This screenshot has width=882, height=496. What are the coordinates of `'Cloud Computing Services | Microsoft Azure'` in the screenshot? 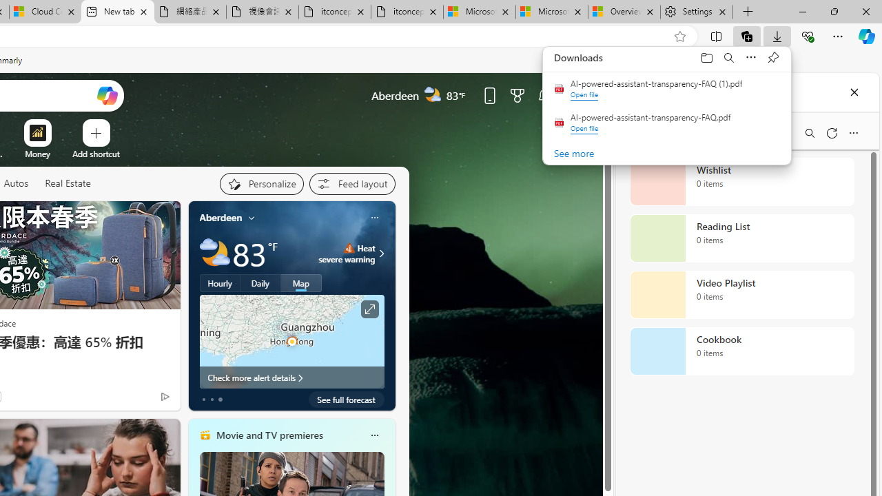 It's located at (45, 12).